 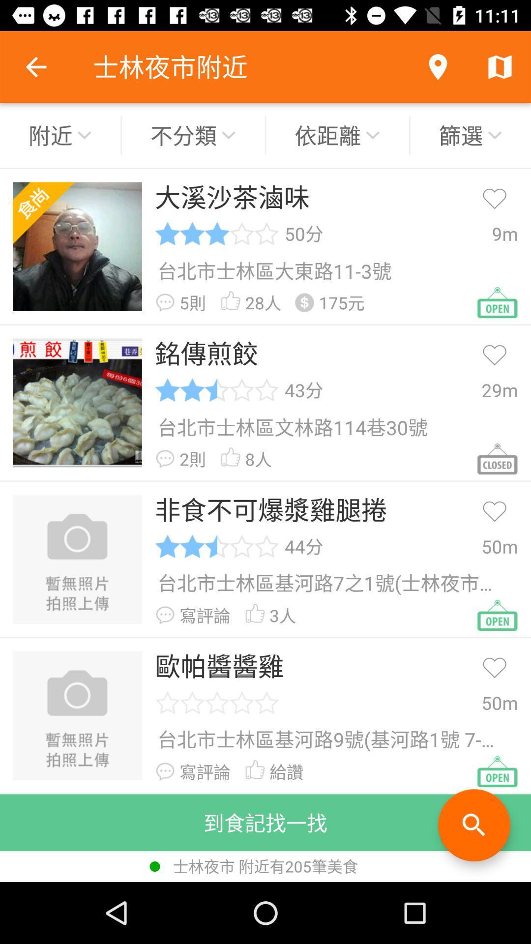 I want to click on the search icon, so click(x=473, y=825).